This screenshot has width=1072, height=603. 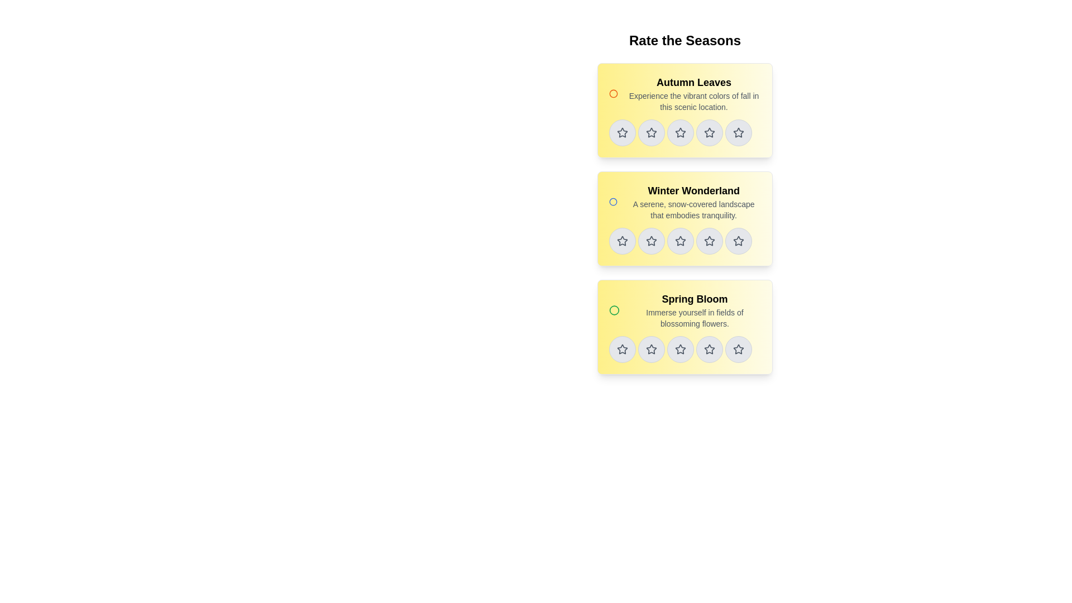 I want to click on the circular button with a gray outline and a light gray background, featuring a star icon inside, located in the first card under 'Autumn Leaves' in the 'Rate the Seasons' section, so click(x=739, y=132).